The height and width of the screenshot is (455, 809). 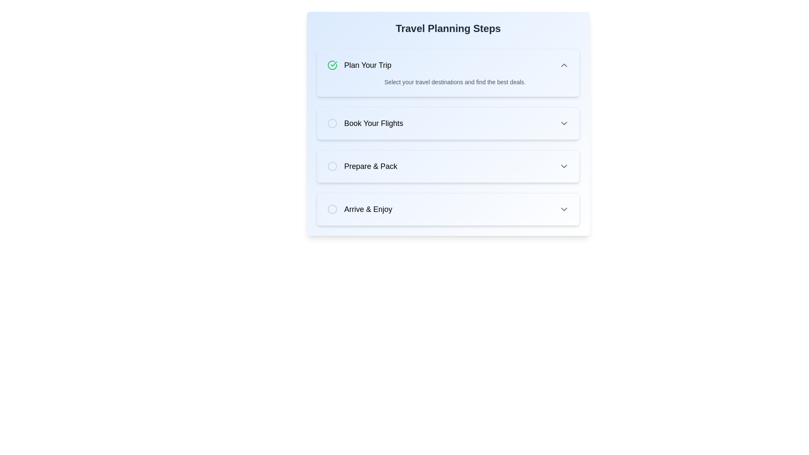 I want to click on the circle graphic indicator located in the lower section of the vertical list, next to the 'Arrive & Enjoy' text, so click(x=332, y=209).